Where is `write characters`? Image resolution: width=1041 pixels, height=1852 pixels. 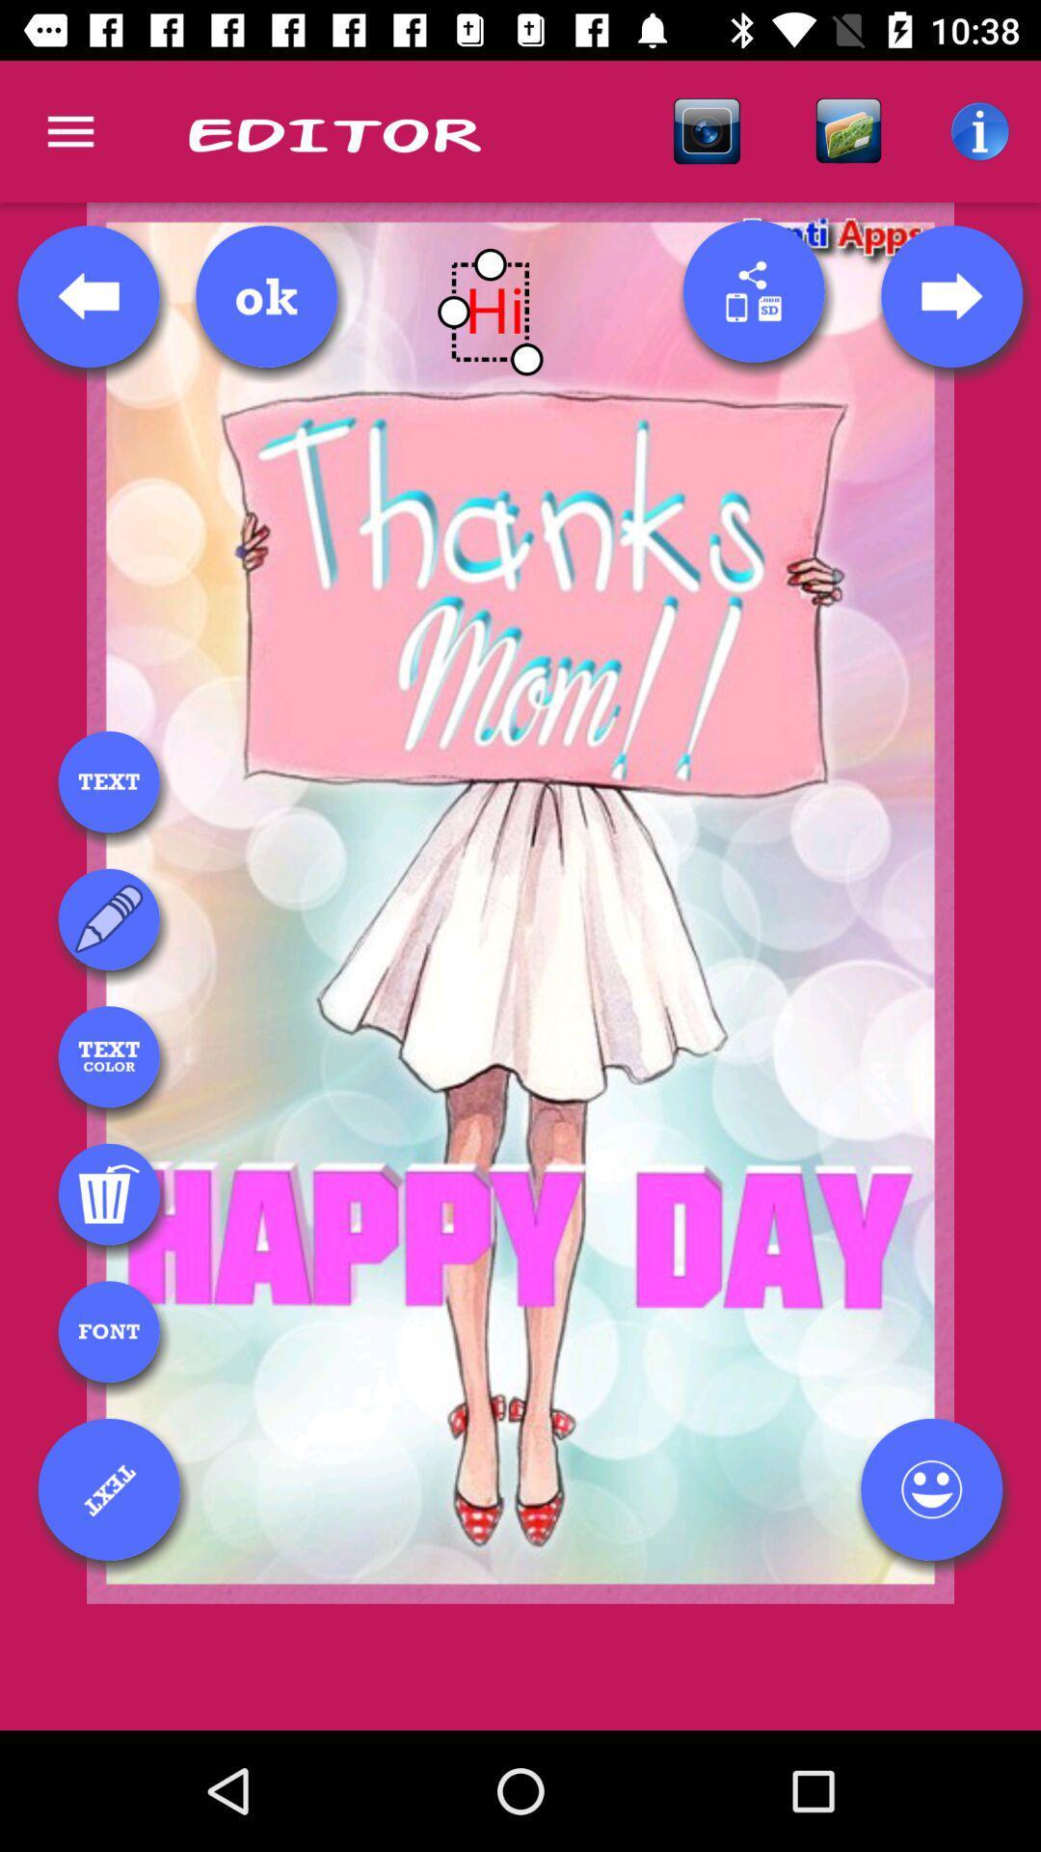 write characters is located at coordinates (109, 918).